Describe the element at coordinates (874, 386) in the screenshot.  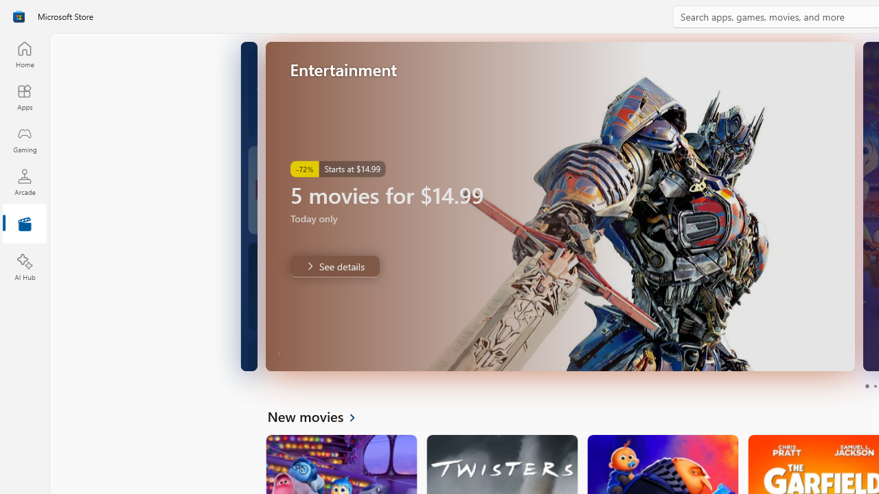
I see `'Page 2'` at that location.